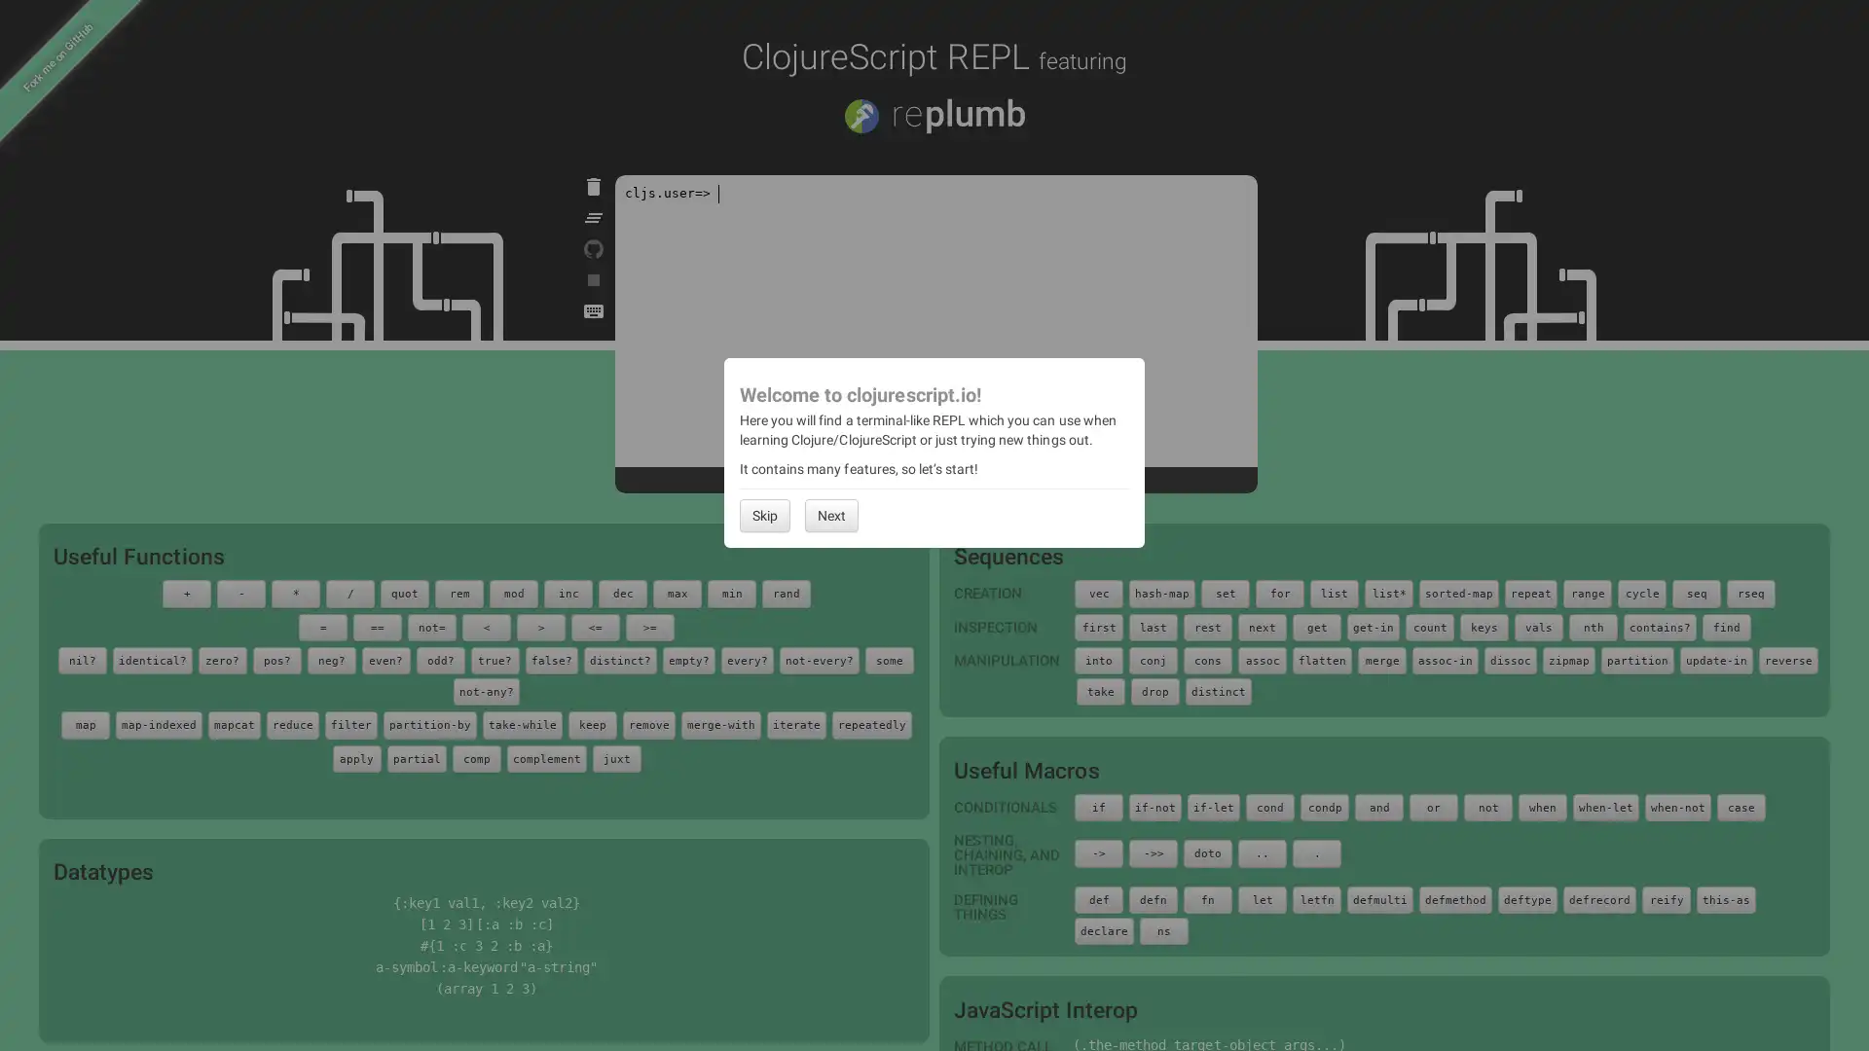 The height and width of the screenshot is (1051, 1869). I want to click on empty?, so click(687, 659).